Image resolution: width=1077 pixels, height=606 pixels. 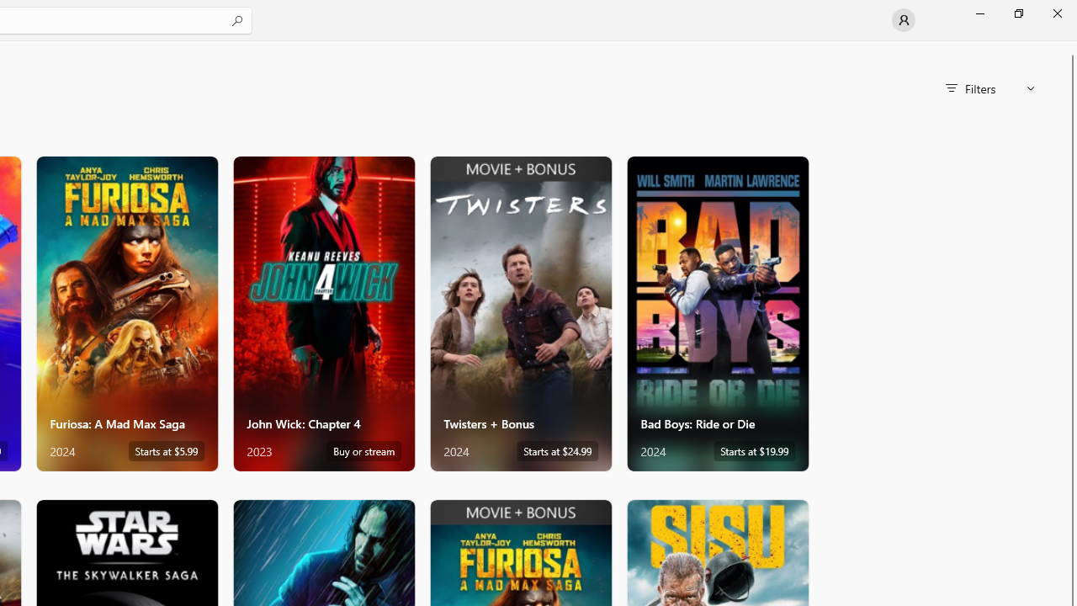 What do you see at coordinates (1017, 13) in the screenshot?
I see `'Restore Microsoft Store'` at bounding box center [1017, 13].